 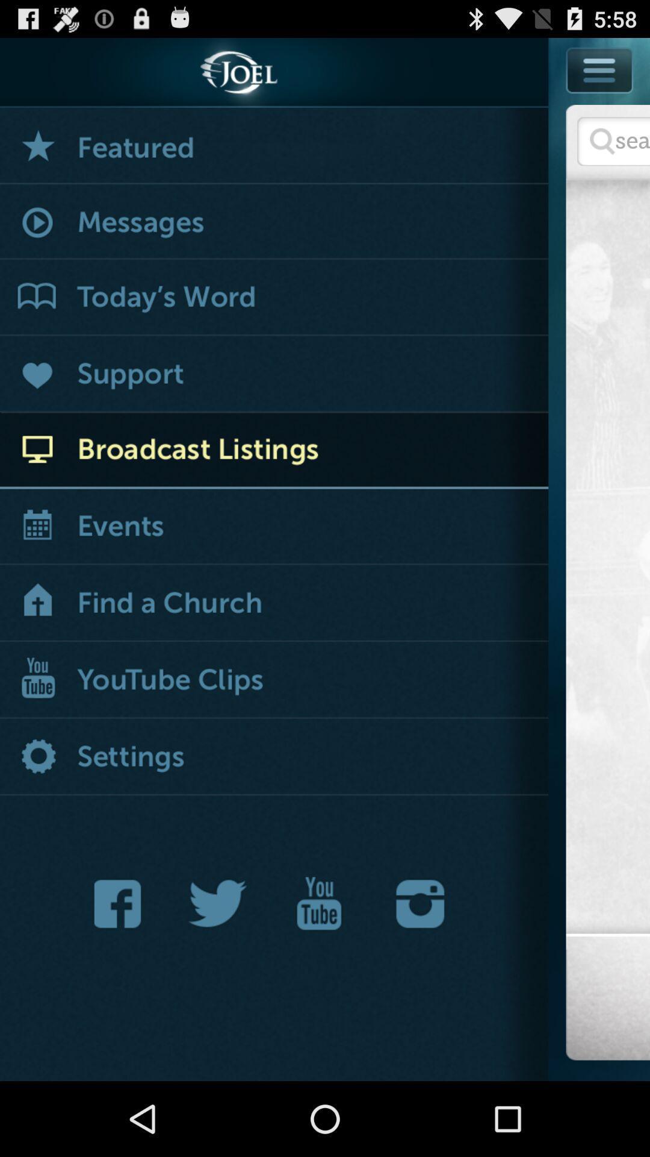 What do you see at coordinates (274, 681) in the screenshot?
I see `broadcast youtube clips` at bounding box center [274, 681].